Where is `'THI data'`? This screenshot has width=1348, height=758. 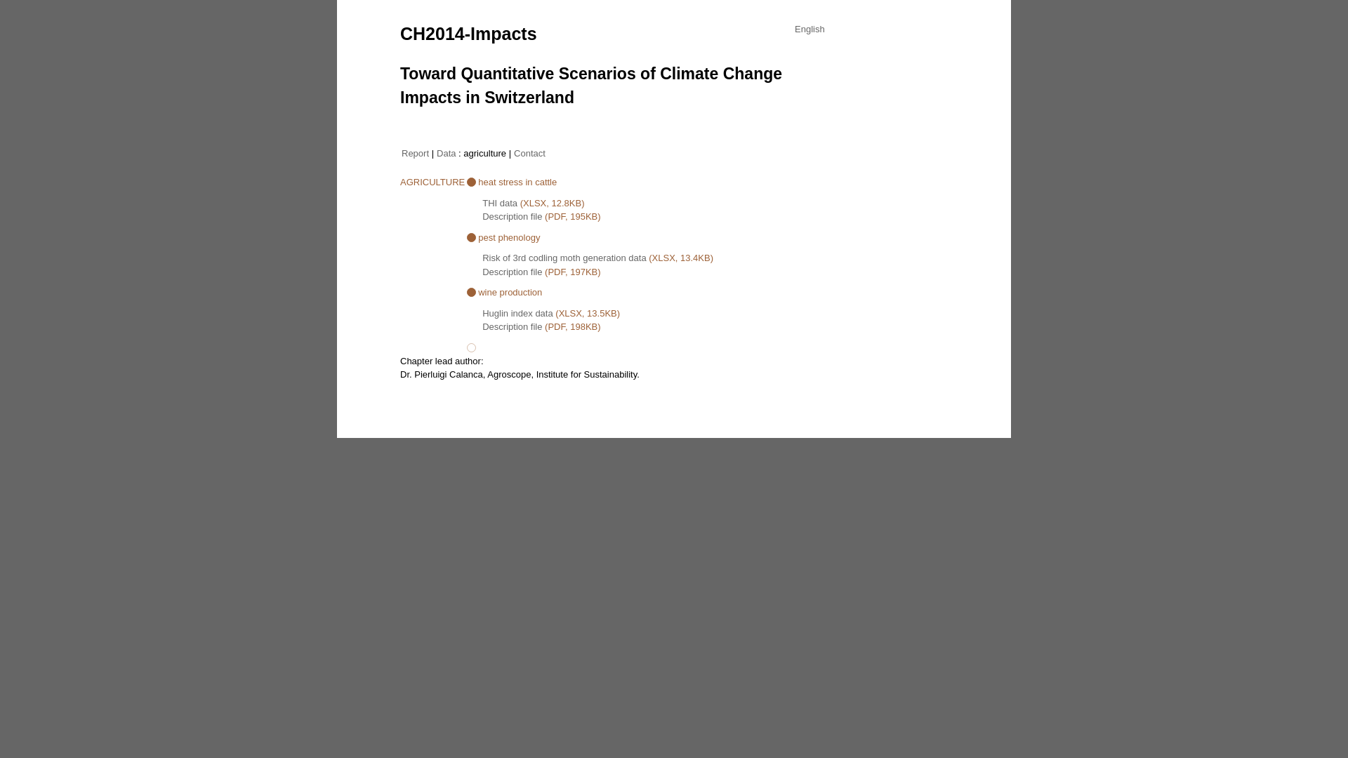 'THI data' is located at coordinates (499, 203).